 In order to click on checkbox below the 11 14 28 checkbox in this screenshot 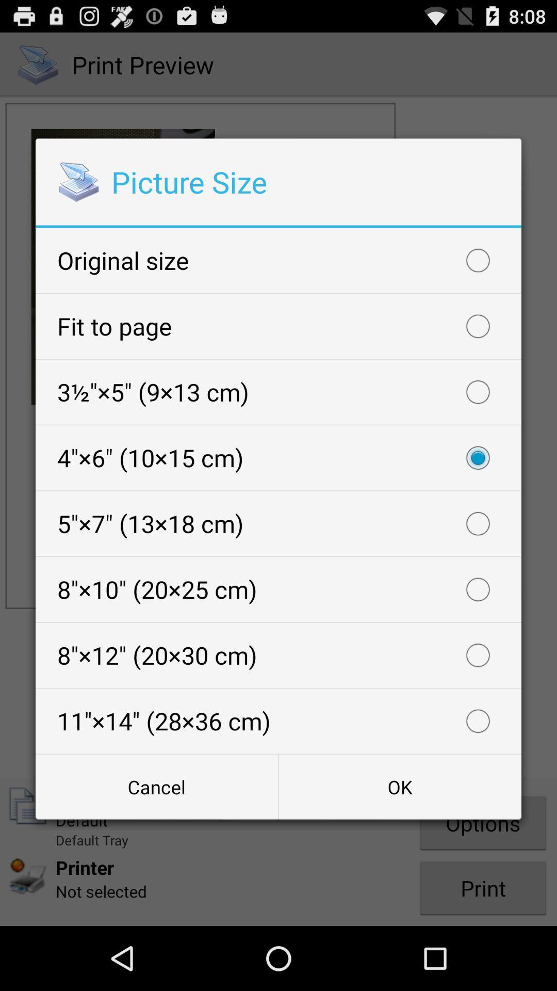, I will do `click(399, 786)`.